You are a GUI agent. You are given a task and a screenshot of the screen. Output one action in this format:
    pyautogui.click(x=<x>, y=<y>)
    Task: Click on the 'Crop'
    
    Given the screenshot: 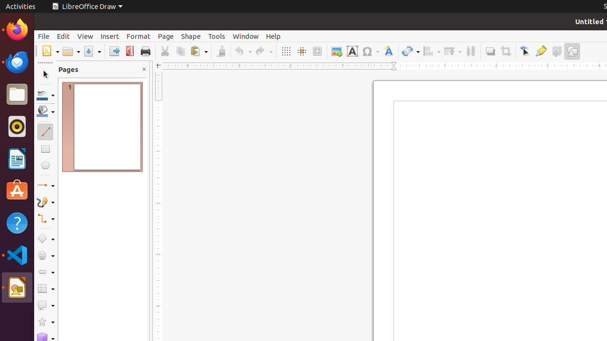 What is the action you would take?
    pyautogui.click(x=505, y=51)
    